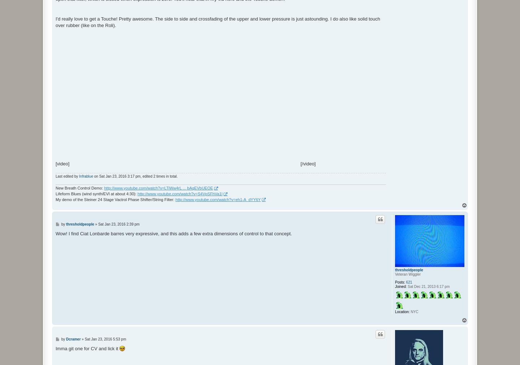 The width and height of the screenshot is (520, 365). I want to click on 'on Sat Jan 23, 2016 3:17 pm, edited 2 times in total.', so click(135, 175).